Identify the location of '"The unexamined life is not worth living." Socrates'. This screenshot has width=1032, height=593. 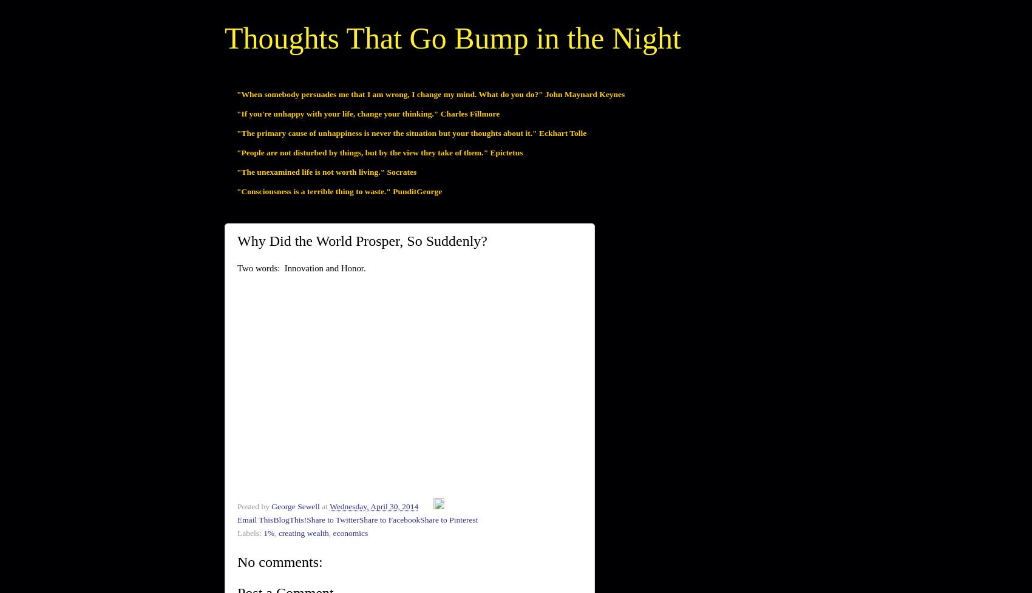
(236, 171).